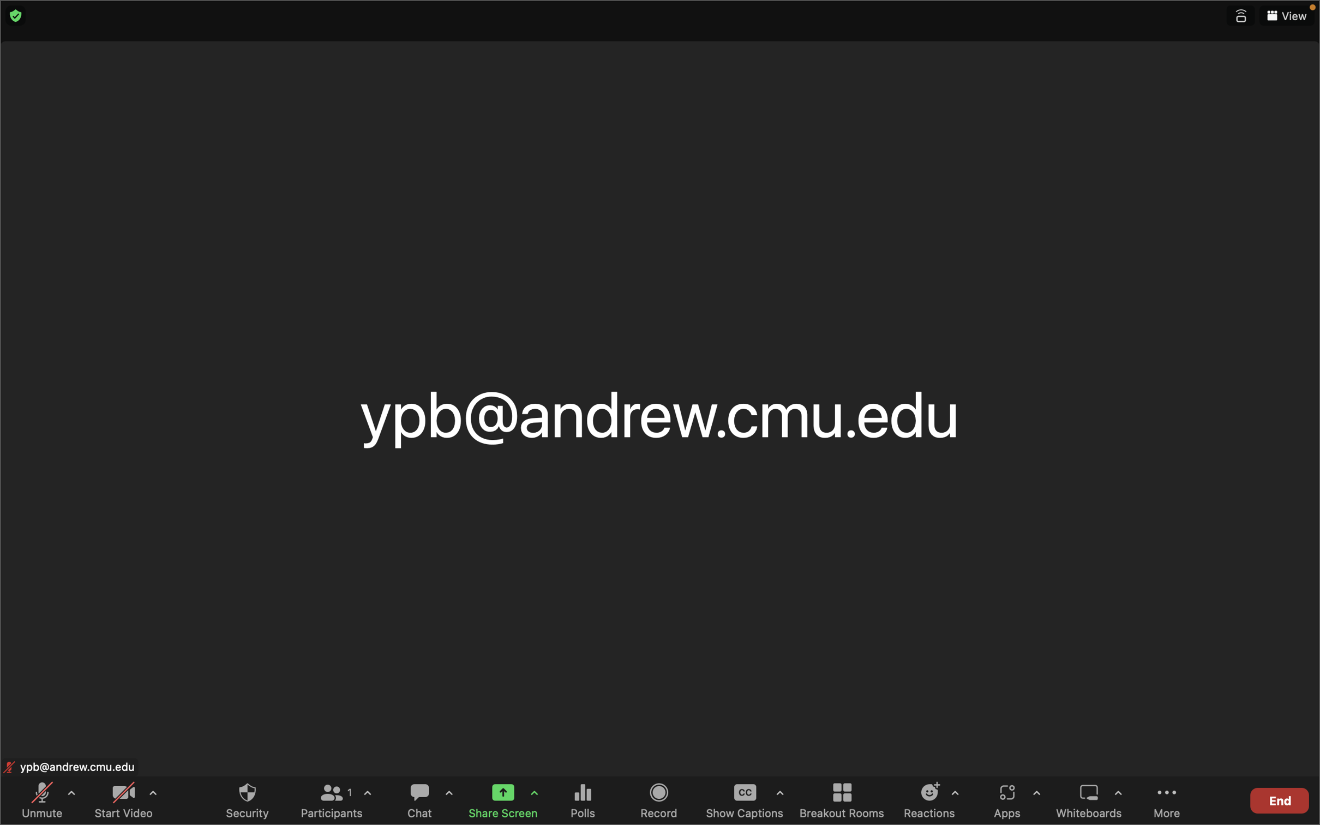  Describe the element at coordinates (247, 799) in the screenshot. I see `the security configurations` at that location.